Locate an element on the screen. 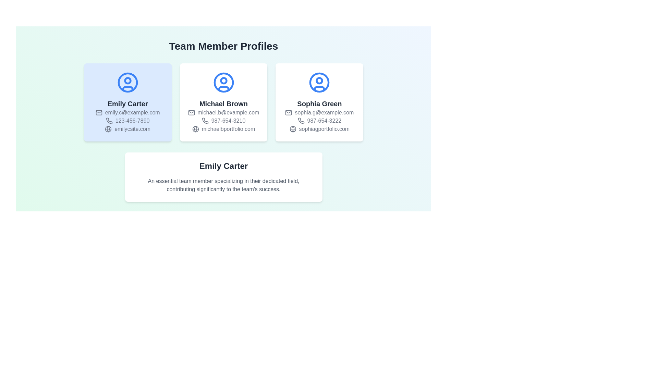 This screenshot has width=658, height=370. the phone number icon located within the card labeled 'Michael Brown', positioned to the left of the phone number '987-654-3210' is located at coordinates (205, 121).